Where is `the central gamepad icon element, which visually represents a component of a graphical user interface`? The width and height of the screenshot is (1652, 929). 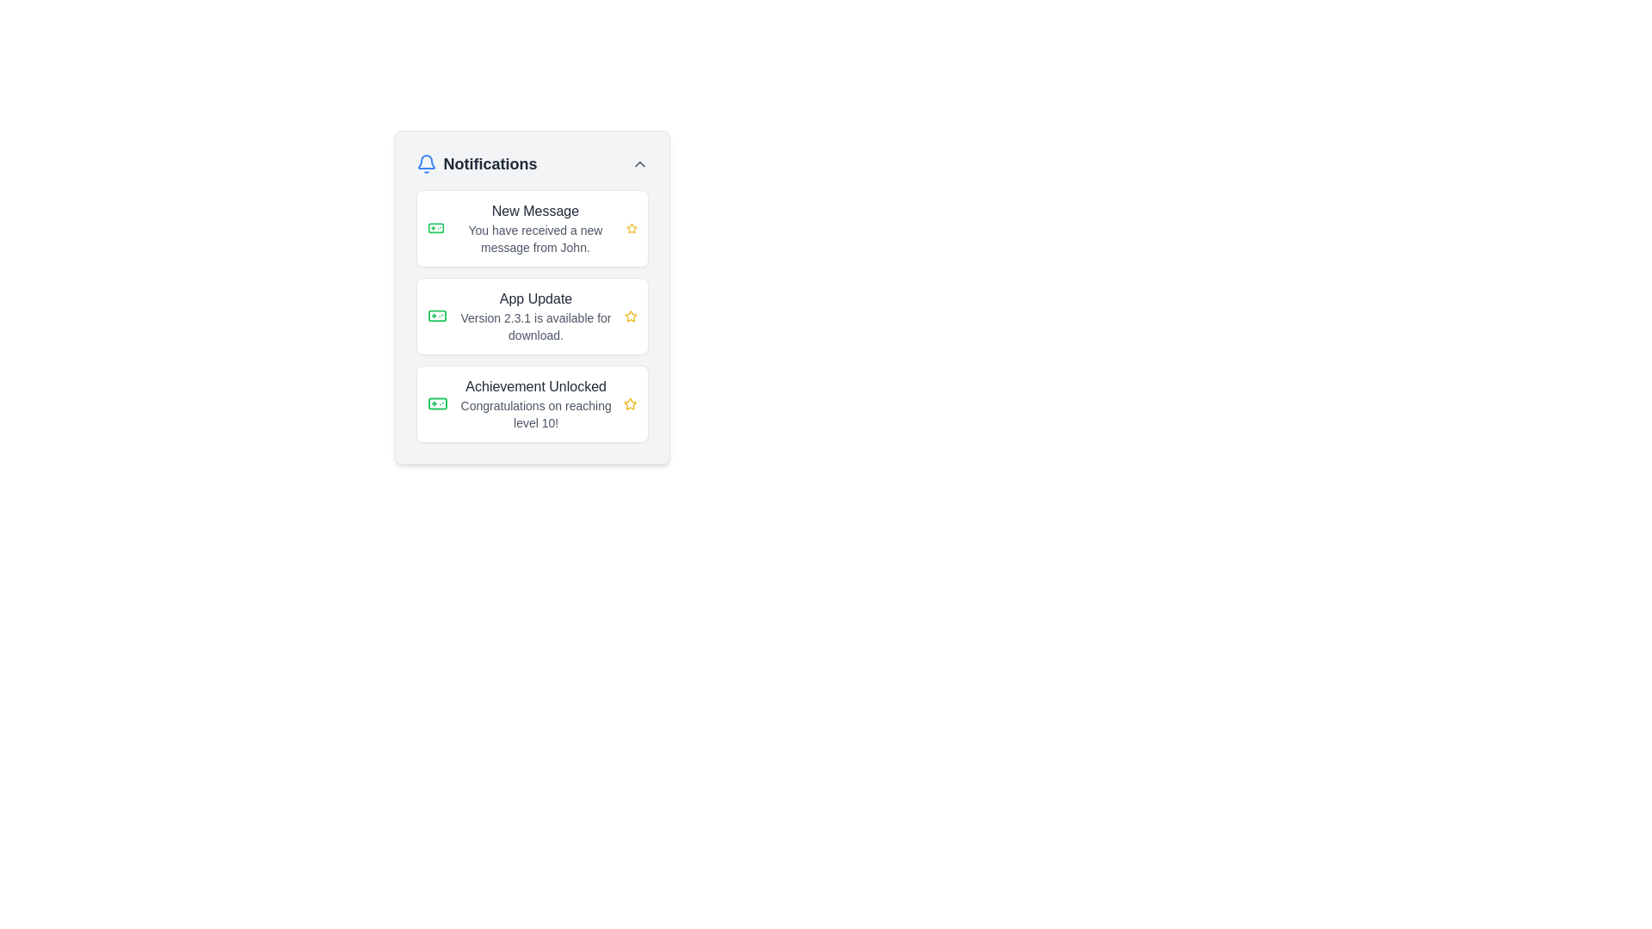
the central gamepad icon element, which visually represents a component of a graphical user interface is located at coordinates (435, 228).